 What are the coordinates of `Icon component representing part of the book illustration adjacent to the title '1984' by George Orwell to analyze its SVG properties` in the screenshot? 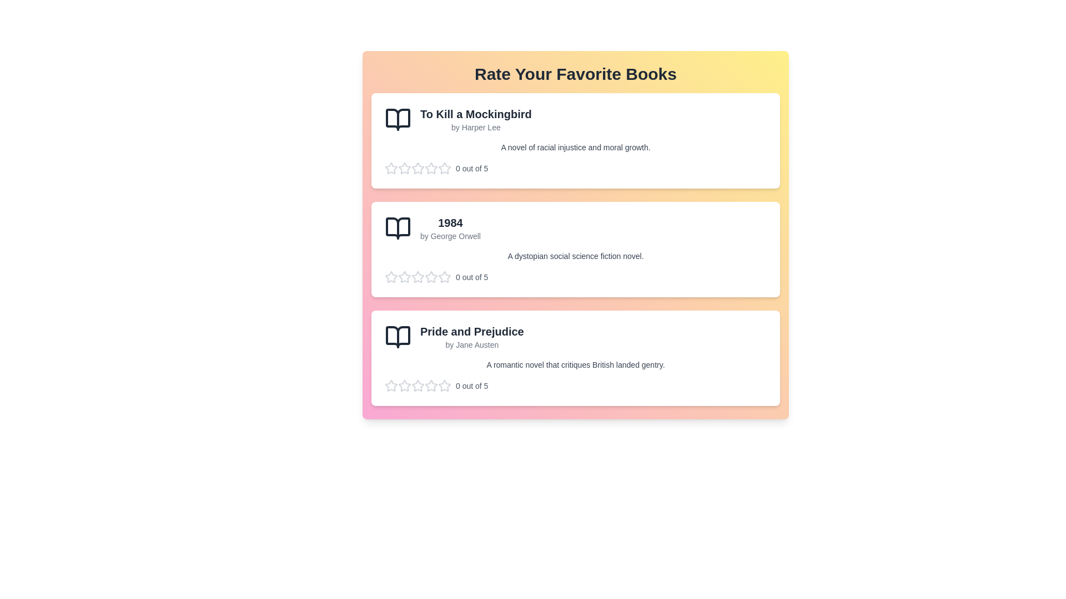 It's located at (398, 228).